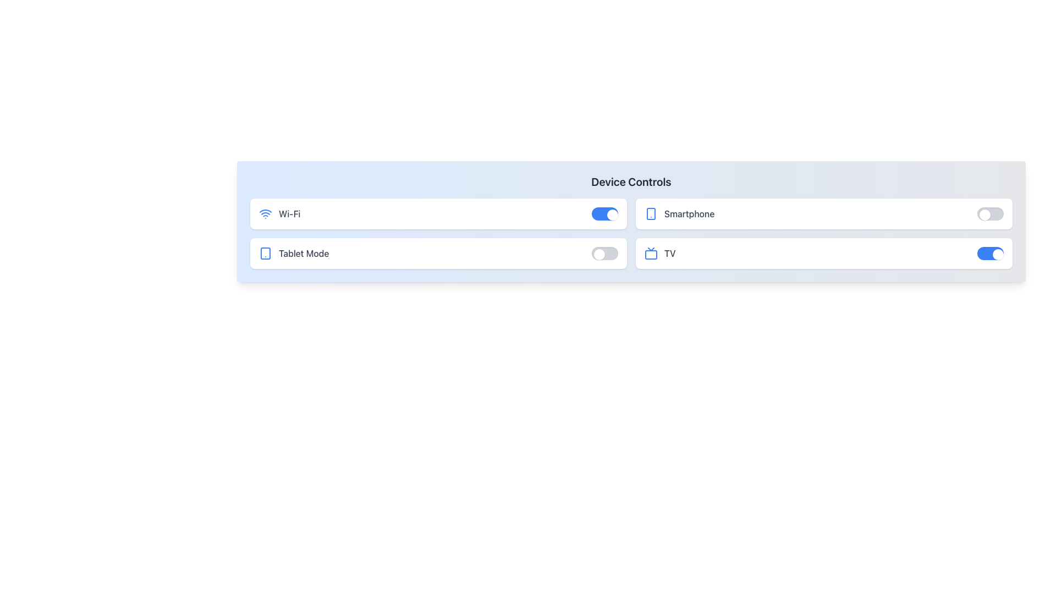 The image size is (1056, 594). Describe the element at coordinates (990, 214) in the screenshot. I see `the toggle switch located in the 'Smartphone' section of the 'Device Controls' interface to enable or disable the feature` at that location.